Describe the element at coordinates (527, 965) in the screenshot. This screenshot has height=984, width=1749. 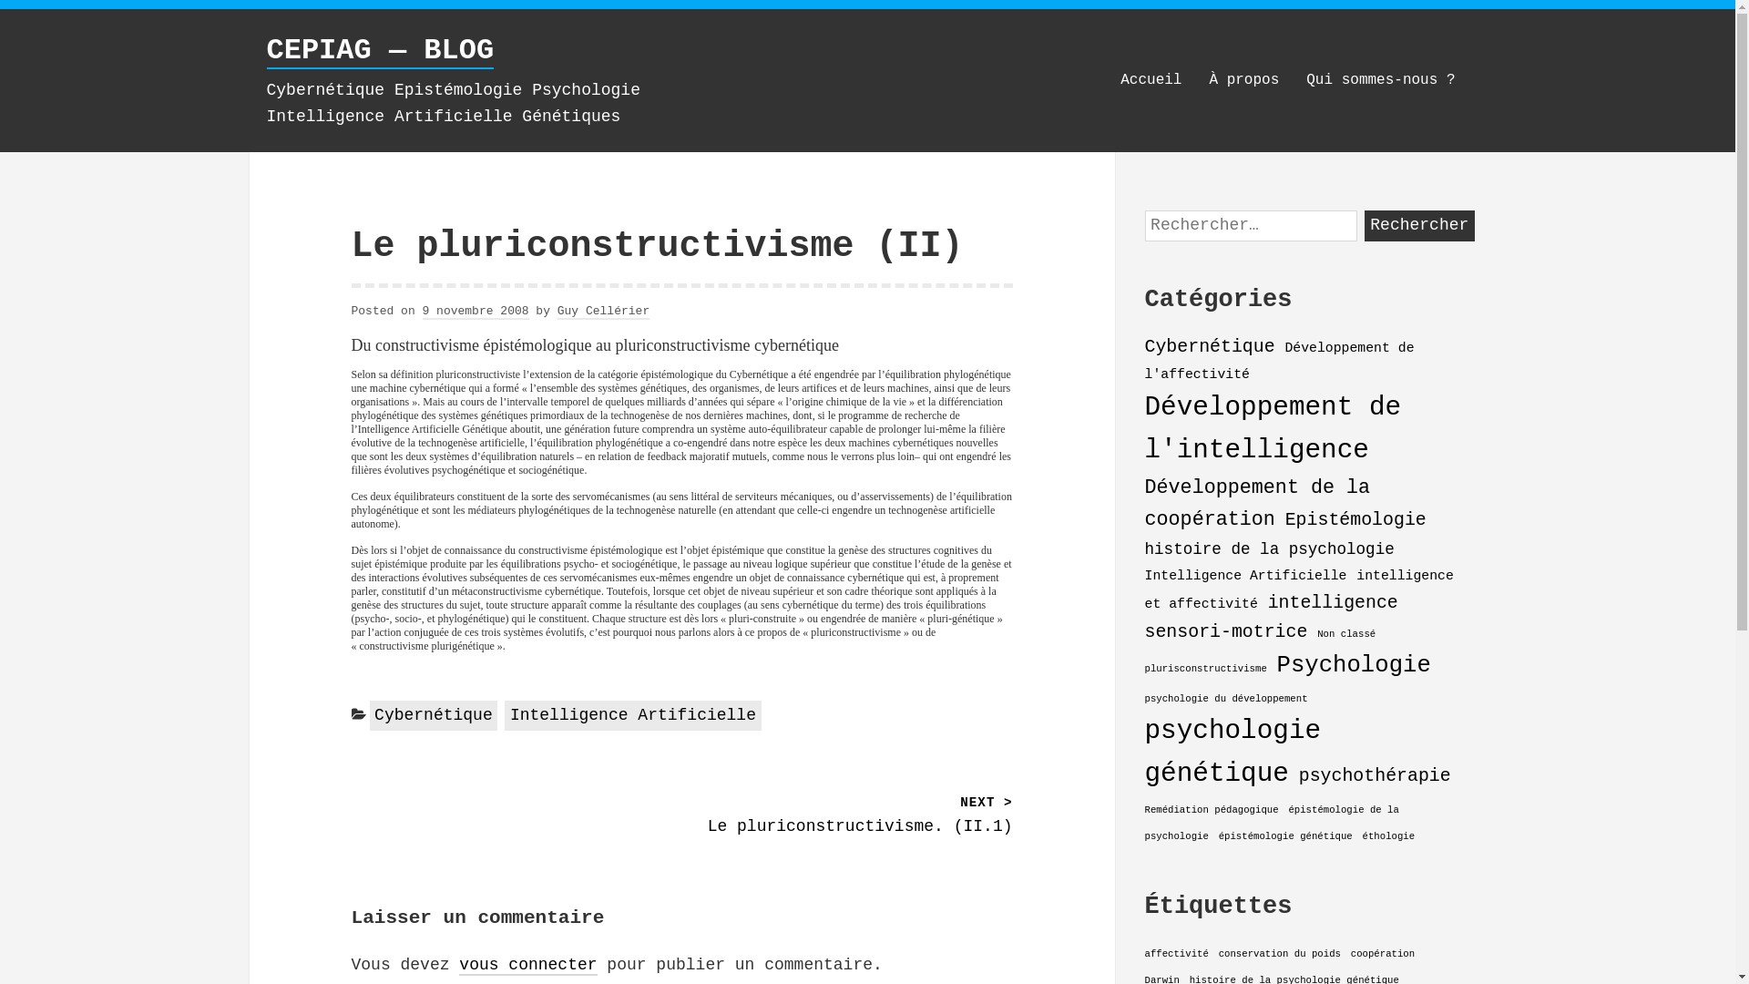
I see `'vous connecter'` at that location.